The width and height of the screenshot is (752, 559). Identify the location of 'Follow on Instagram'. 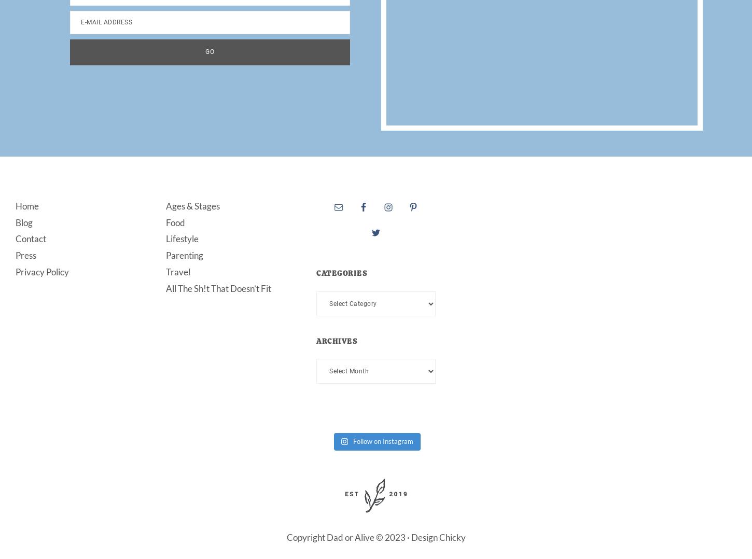
(353, 440).